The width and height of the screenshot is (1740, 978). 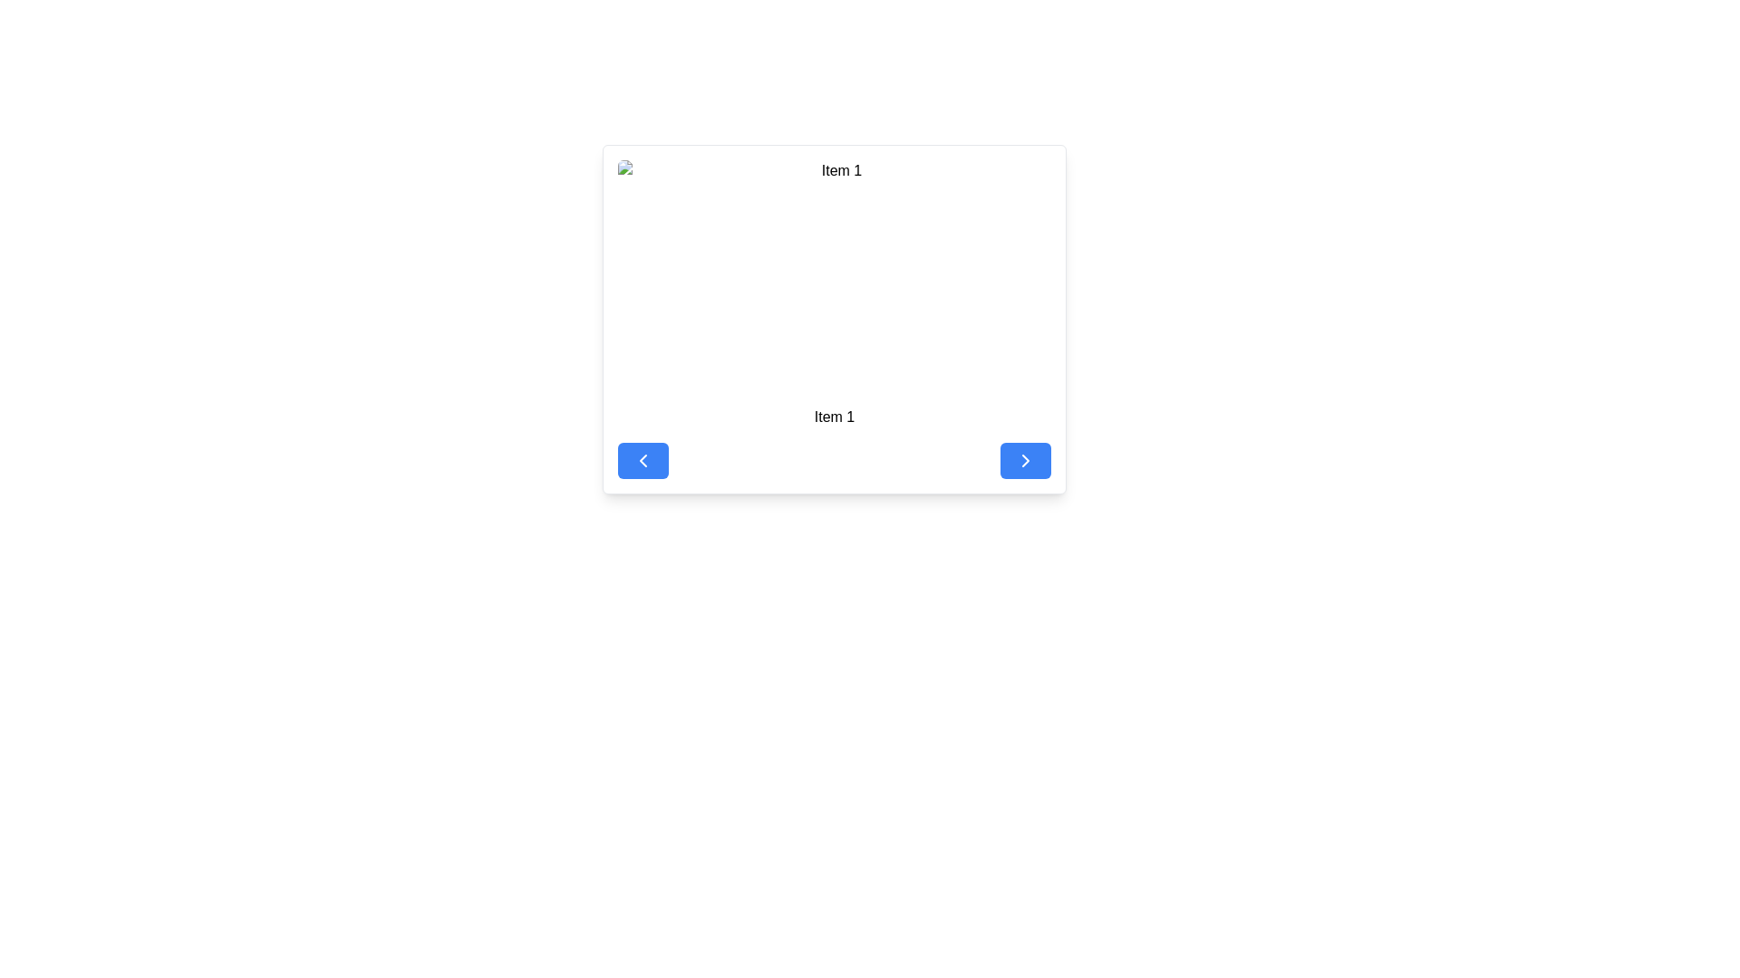 What do you see at coordinates (643, 460) in the screenshot?
I see `the chevron icon indicating a left navigation action, which is centrally aligned within a blue button box at the bottom-left corner of the layout` at bounding box center [643, 460].